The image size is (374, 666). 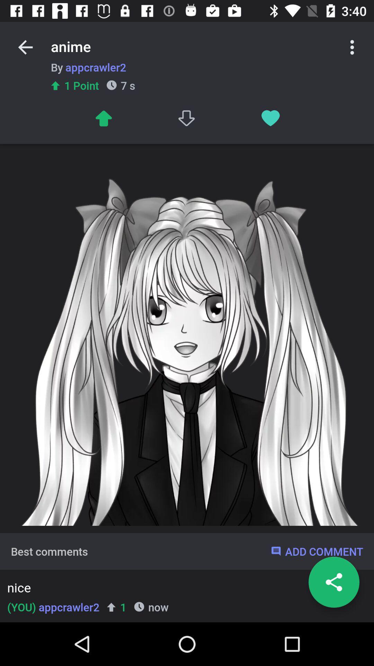 I want to click on item above now, so click(x=185, y=589).